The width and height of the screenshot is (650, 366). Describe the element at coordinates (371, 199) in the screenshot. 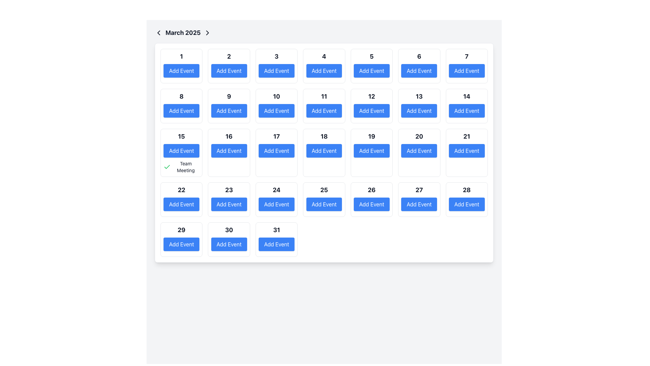

I see `the interactive button in the composite element that allows users to add an event for the 26th day, located in the fourth row and sixth column of the grid layout` at that location.